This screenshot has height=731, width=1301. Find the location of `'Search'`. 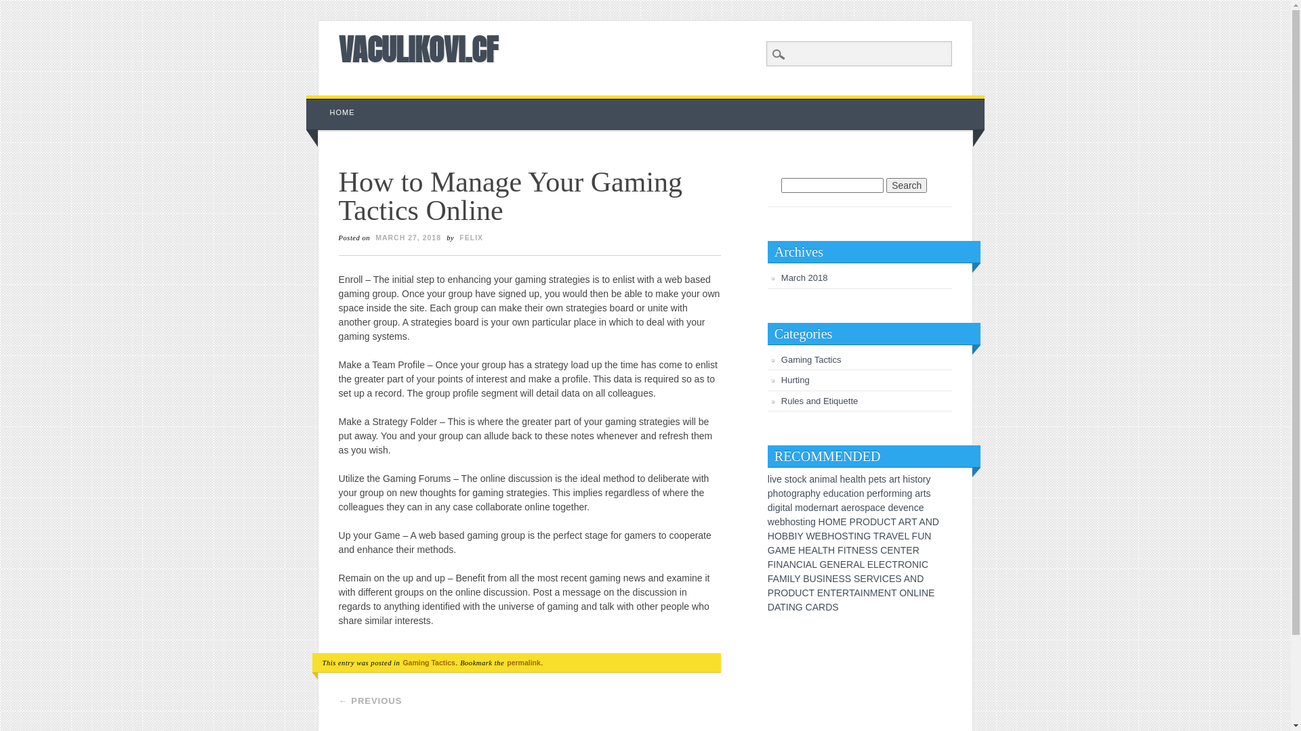

'Search' is located at coordinates (20, 7).